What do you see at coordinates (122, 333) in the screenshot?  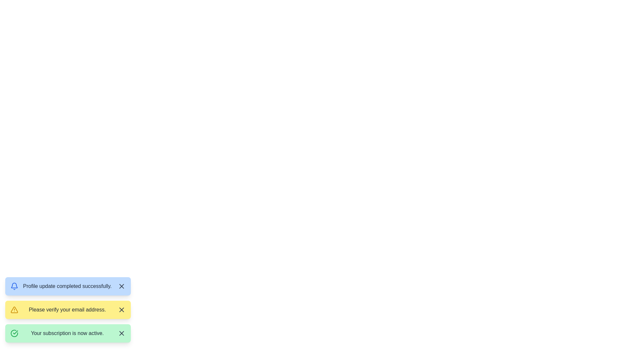 I see `the thin diagonal line segment forming part of the X symbol, which is located near the center of the small square-shaped icon used for closing notifications at the bottom-right section of the interface` at bounding box center [122, 333].